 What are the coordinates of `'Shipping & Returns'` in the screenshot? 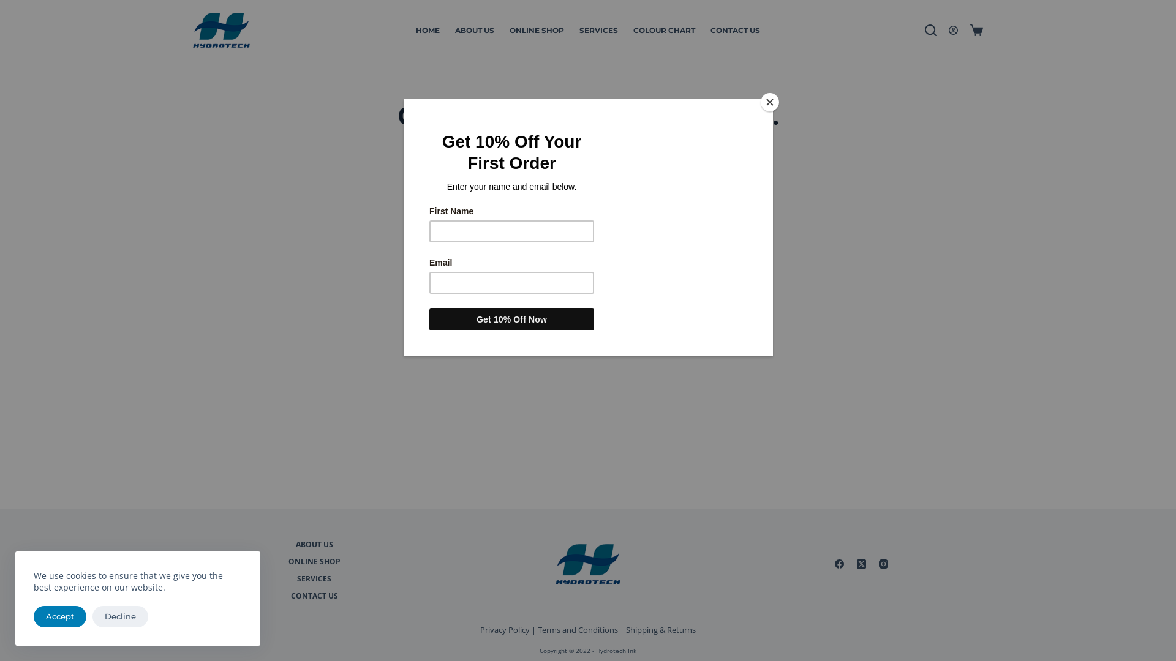 It's located at (660, 630).